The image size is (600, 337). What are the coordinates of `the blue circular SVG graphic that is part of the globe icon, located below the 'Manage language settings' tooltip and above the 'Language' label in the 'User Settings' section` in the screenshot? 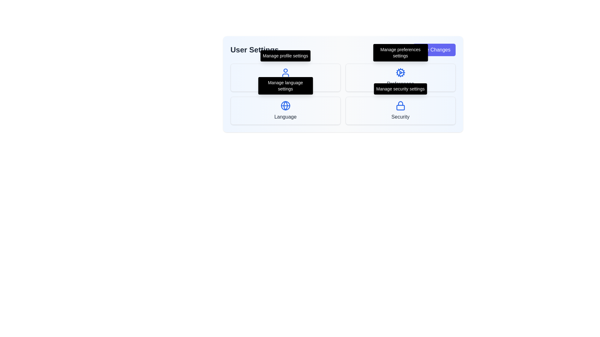 It's located at (285, 105).